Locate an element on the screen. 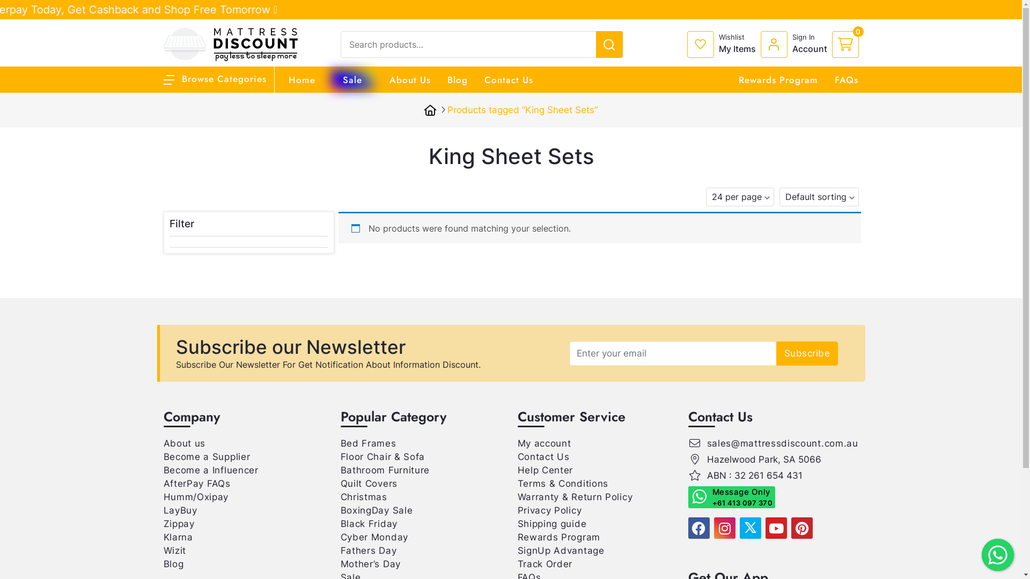 The height and width of the screenshot is (579, 1030). 'BoxingDay Sale' is located at coordinates (339, 510).